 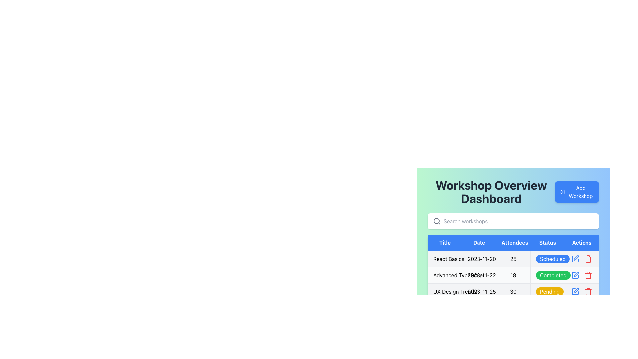 I want to click on the 'Title' table header cell, which is a rectangular button with white text on a blue background, to sort the column, so click(x=445, y=242).